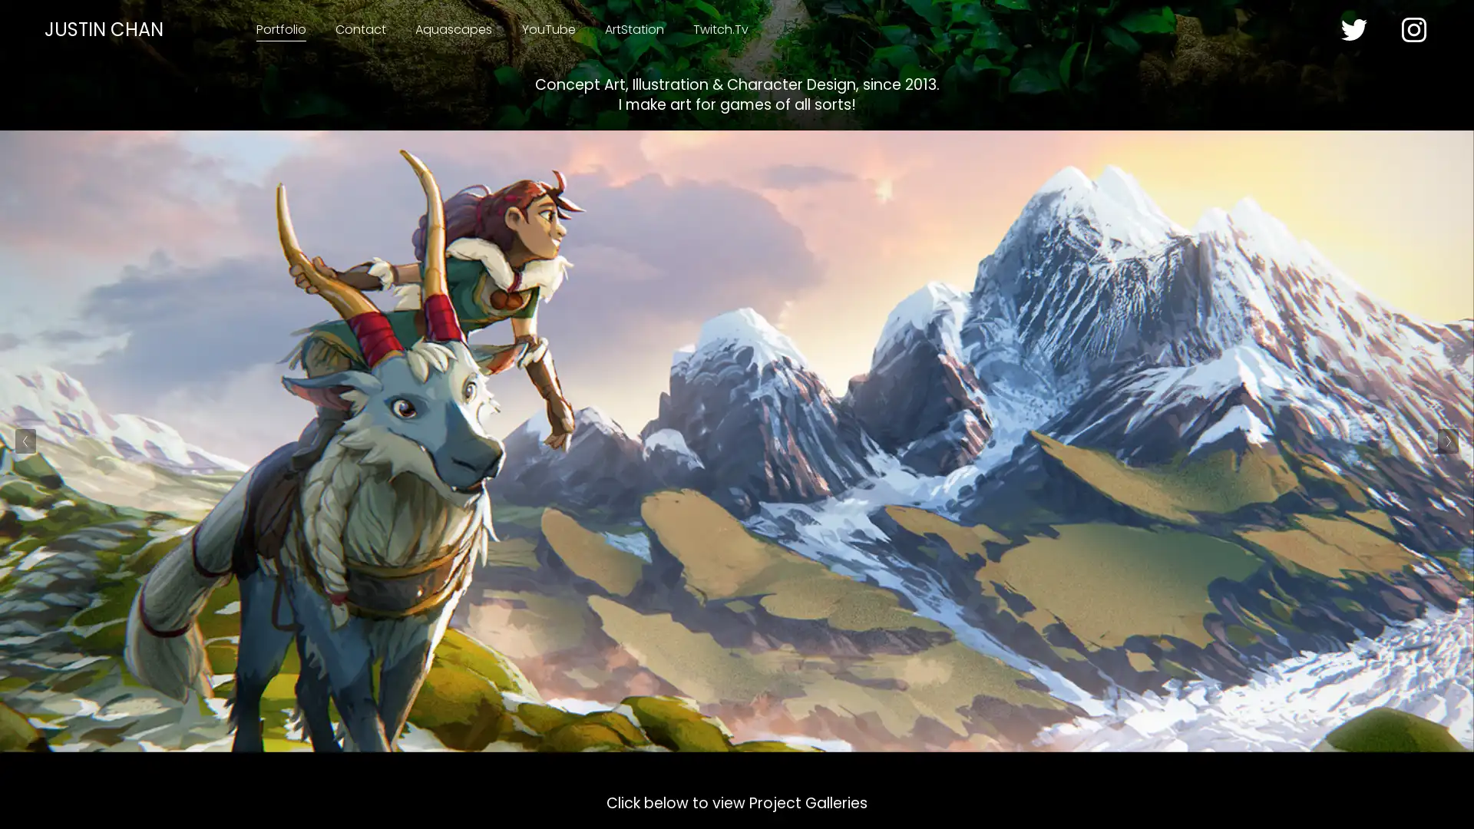 This screenshot has width=1474, height=829. Describe the element at coordinates (25, 441) in the screenshot. I see `Previous Slide` at that location.